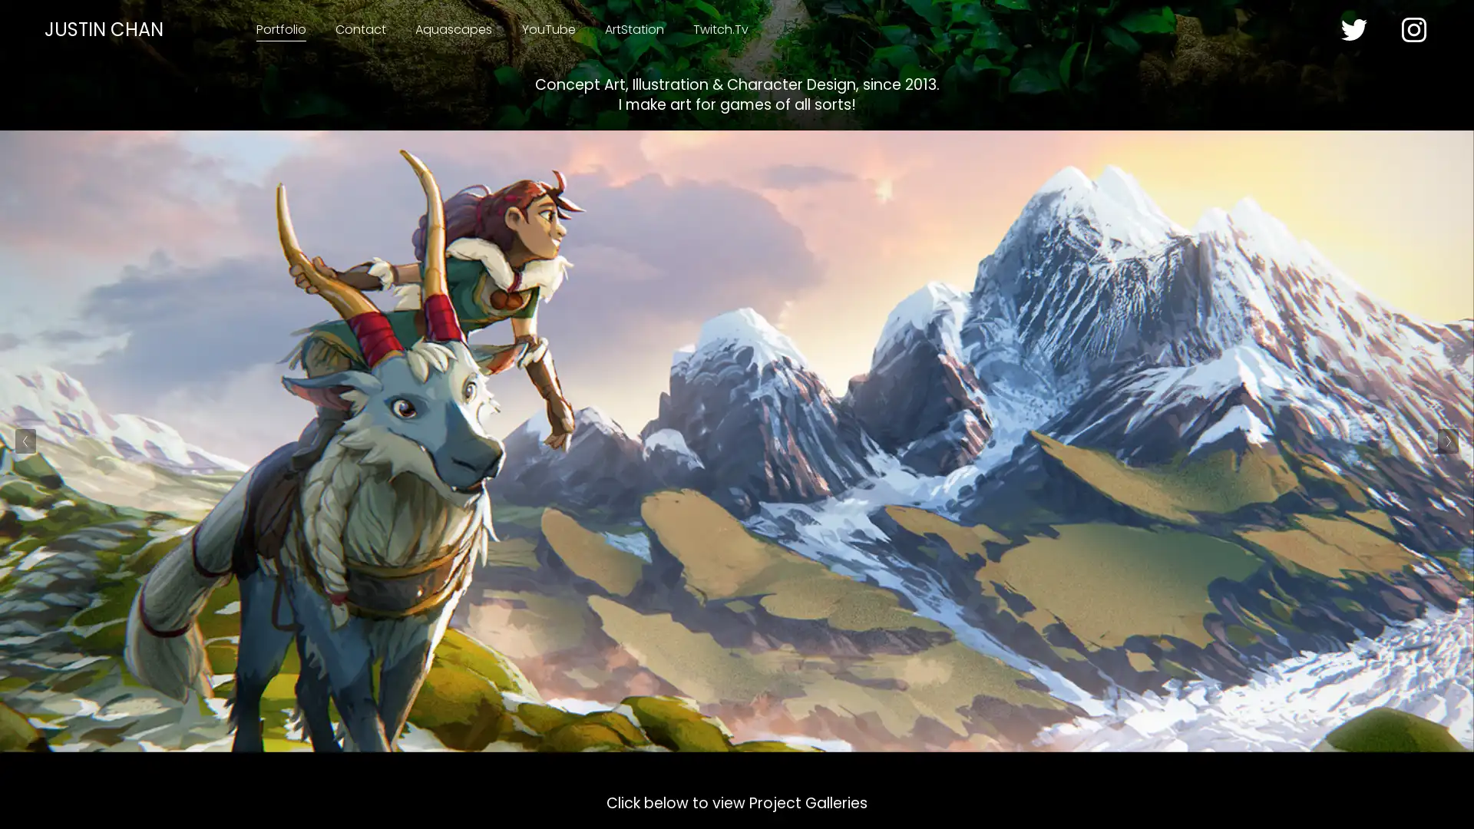 This screenshot has width=1474, height=829. Describe the element at coordinates (25, 441) in the screenshot. I see `Previous Slide` at that location.